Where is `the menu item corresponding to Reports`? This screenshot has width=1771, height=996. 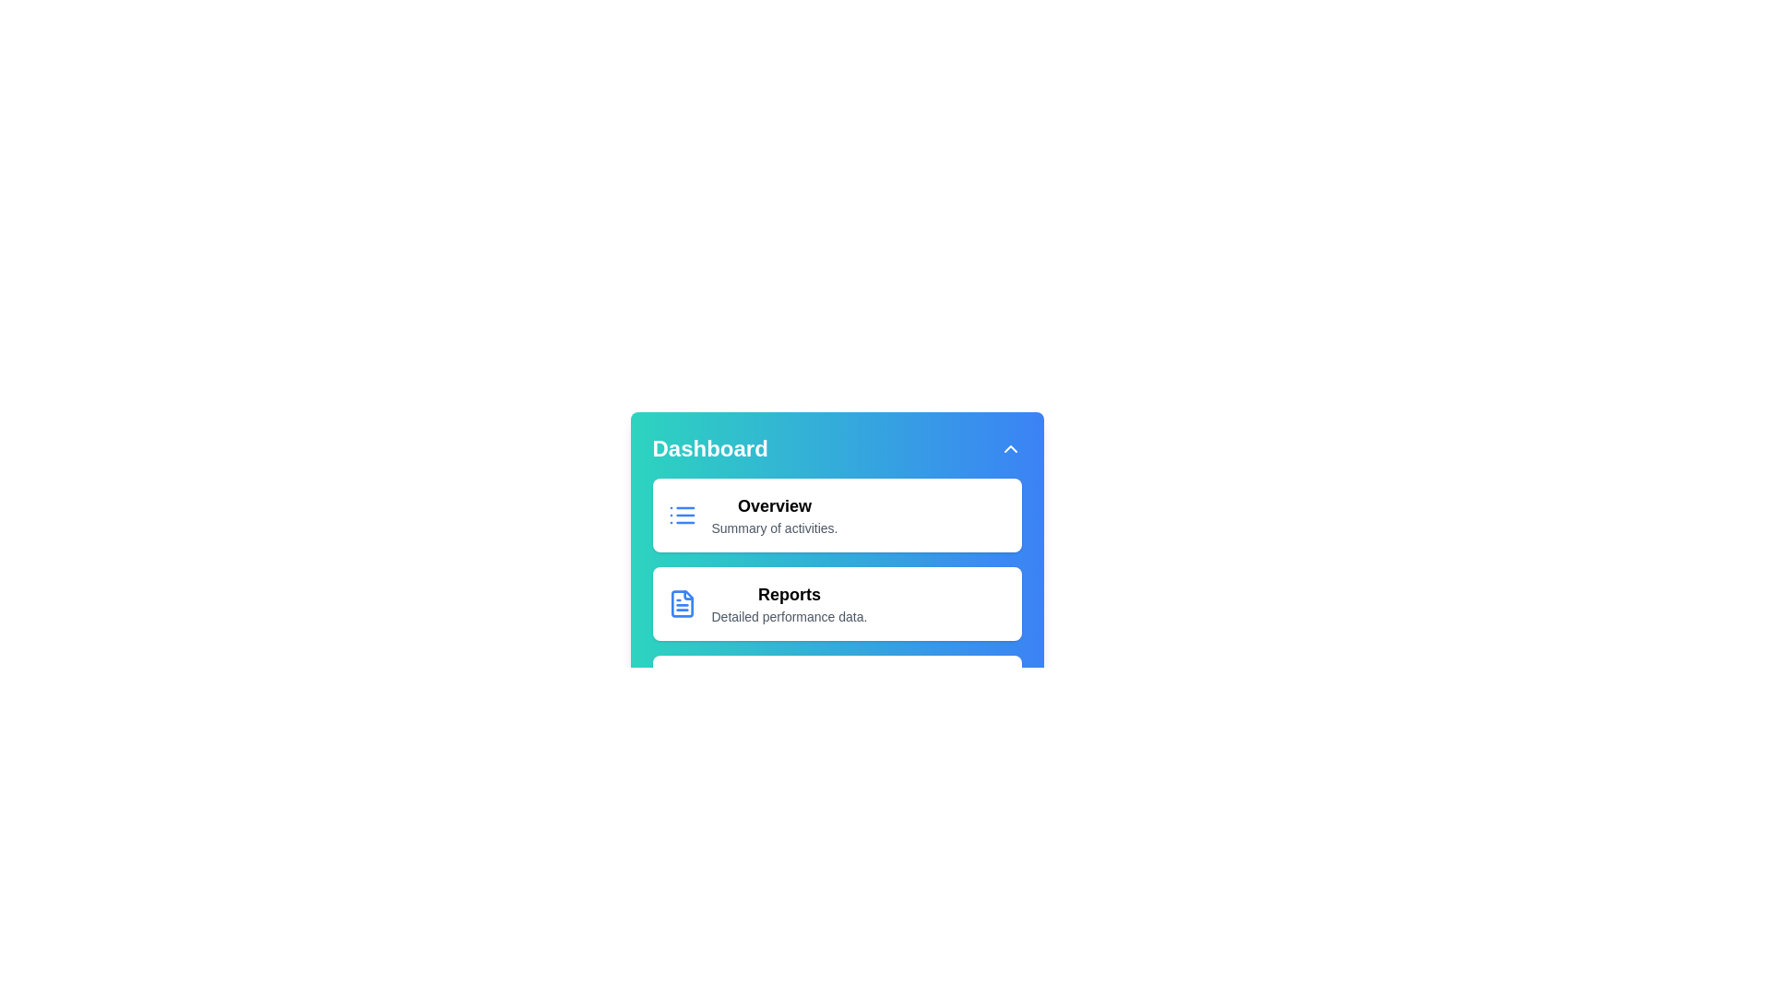
the menu item corresponding to Reports is located at coordinates (789, 604).